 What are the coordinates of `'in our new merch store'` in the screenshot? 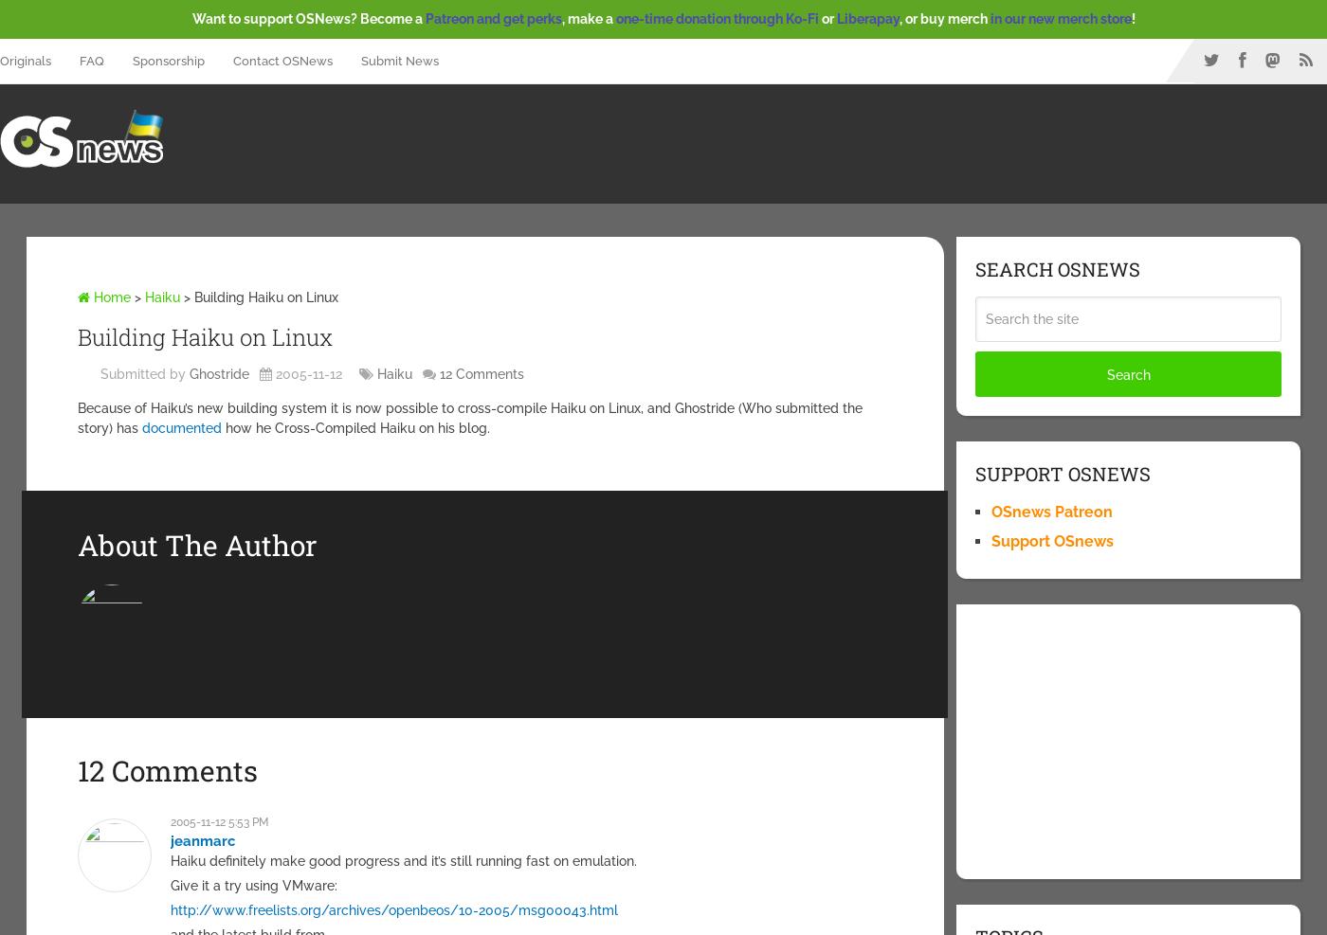 It's located at (1060, 18).